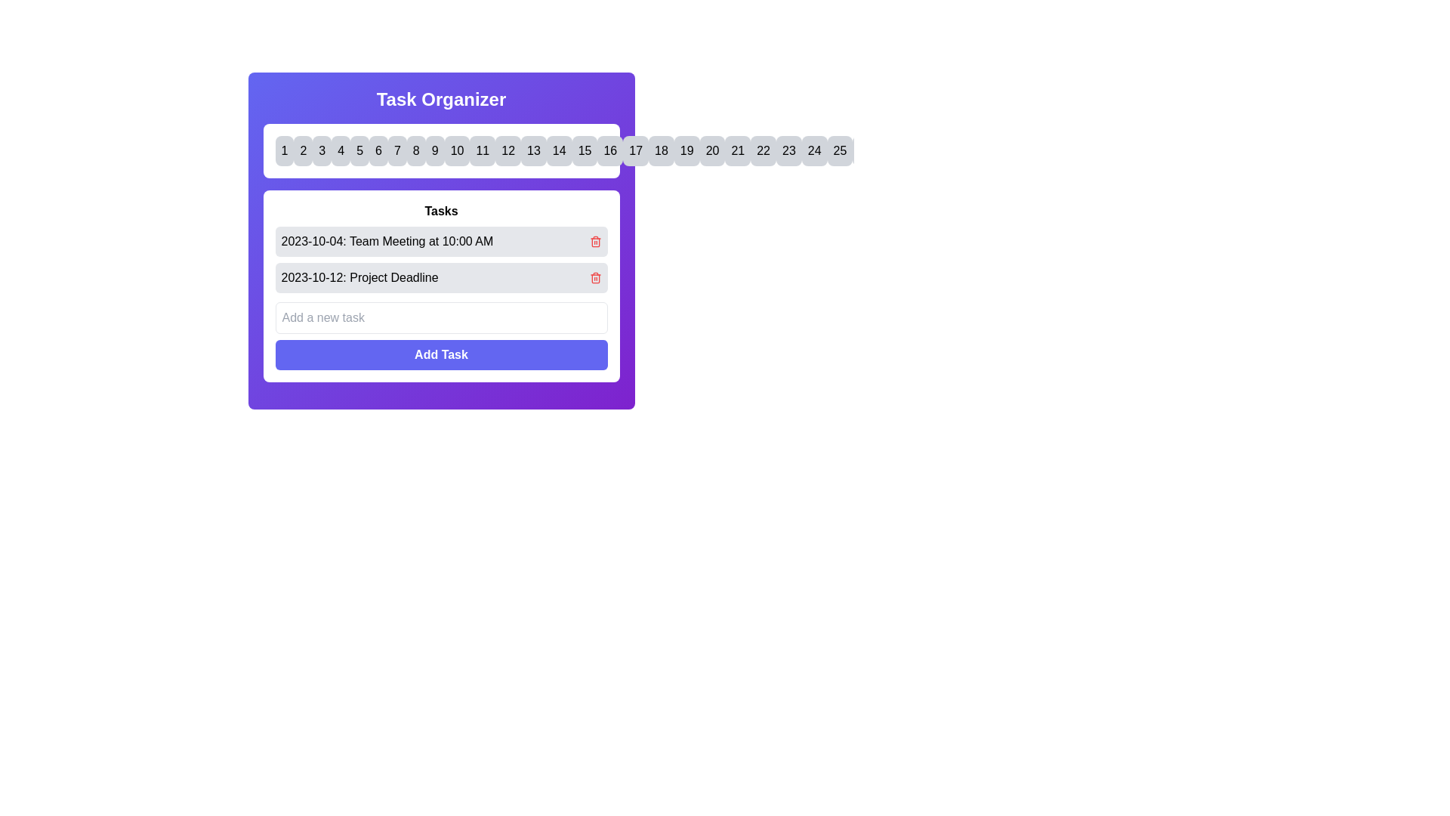 The image size is (1450, 816). What do you see at coordinates (440, 212) in the screenshot?
I see `the Text label that serves as the section title for the task list, which is centrally aligned and located at the top of the task list section` at bounding box center [440, 212].